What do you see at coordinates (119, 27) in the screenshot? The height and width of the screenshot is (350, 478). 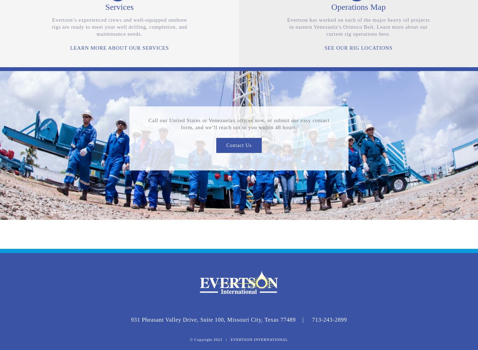 I see `'Evertson’s experienced crews and well-equipped onshore rigs are ready to meet your well drilling, completion, and maintenance needs.'` at bounding box center [119, 27].